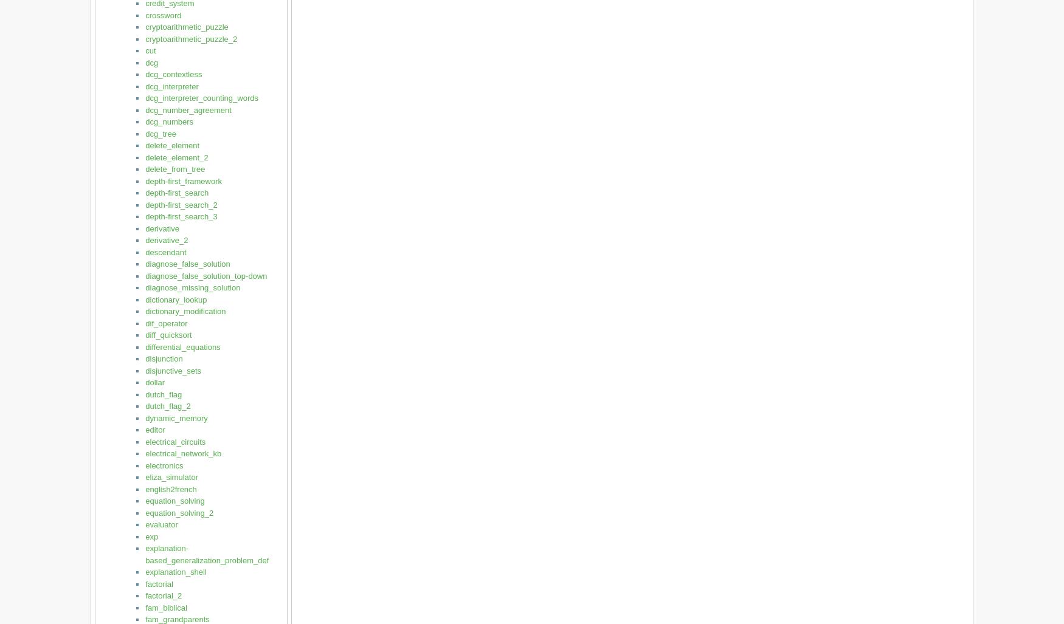 The width and height of the screenshot is (1064, 624). I want to click on 'explanation_shell', so click(145, 572).